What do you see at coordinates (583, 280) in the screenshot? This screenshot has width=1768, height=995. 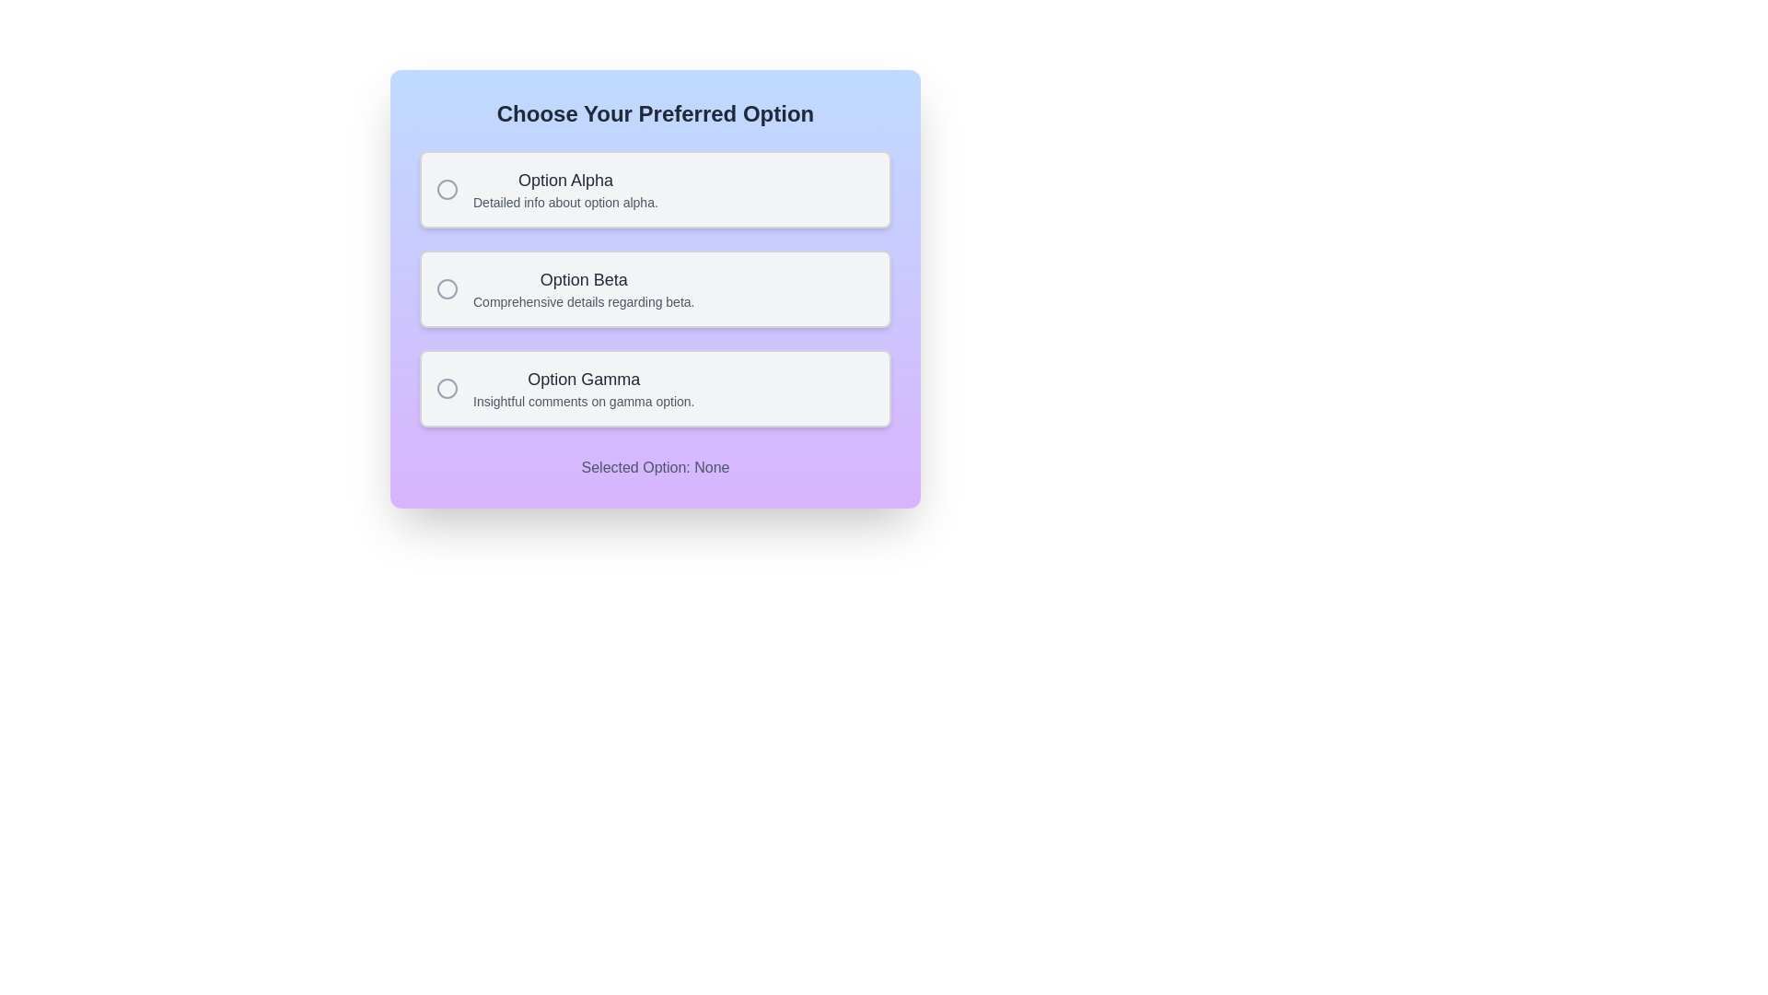 I see `the text label displaying 'Option Beta', which is a medium-sized, bold, dark gray font heading situated between 'Option Alpha' and 'Option Gamma' in a vertical list of selectable items` at bounding box center [583, 280].